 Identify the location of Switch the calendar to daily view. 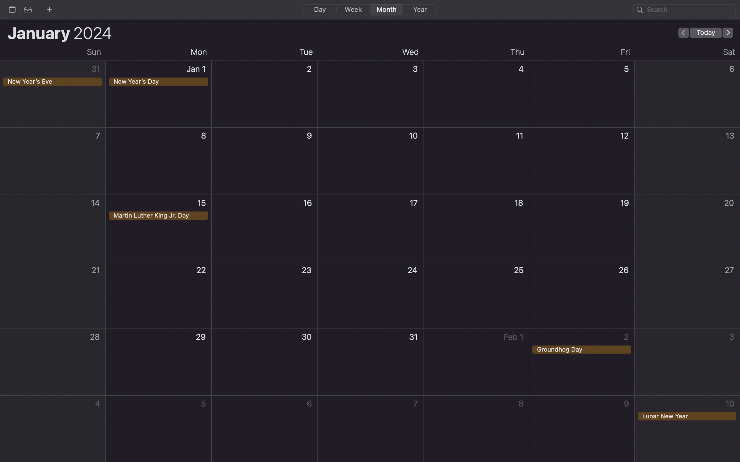
(319, 9).